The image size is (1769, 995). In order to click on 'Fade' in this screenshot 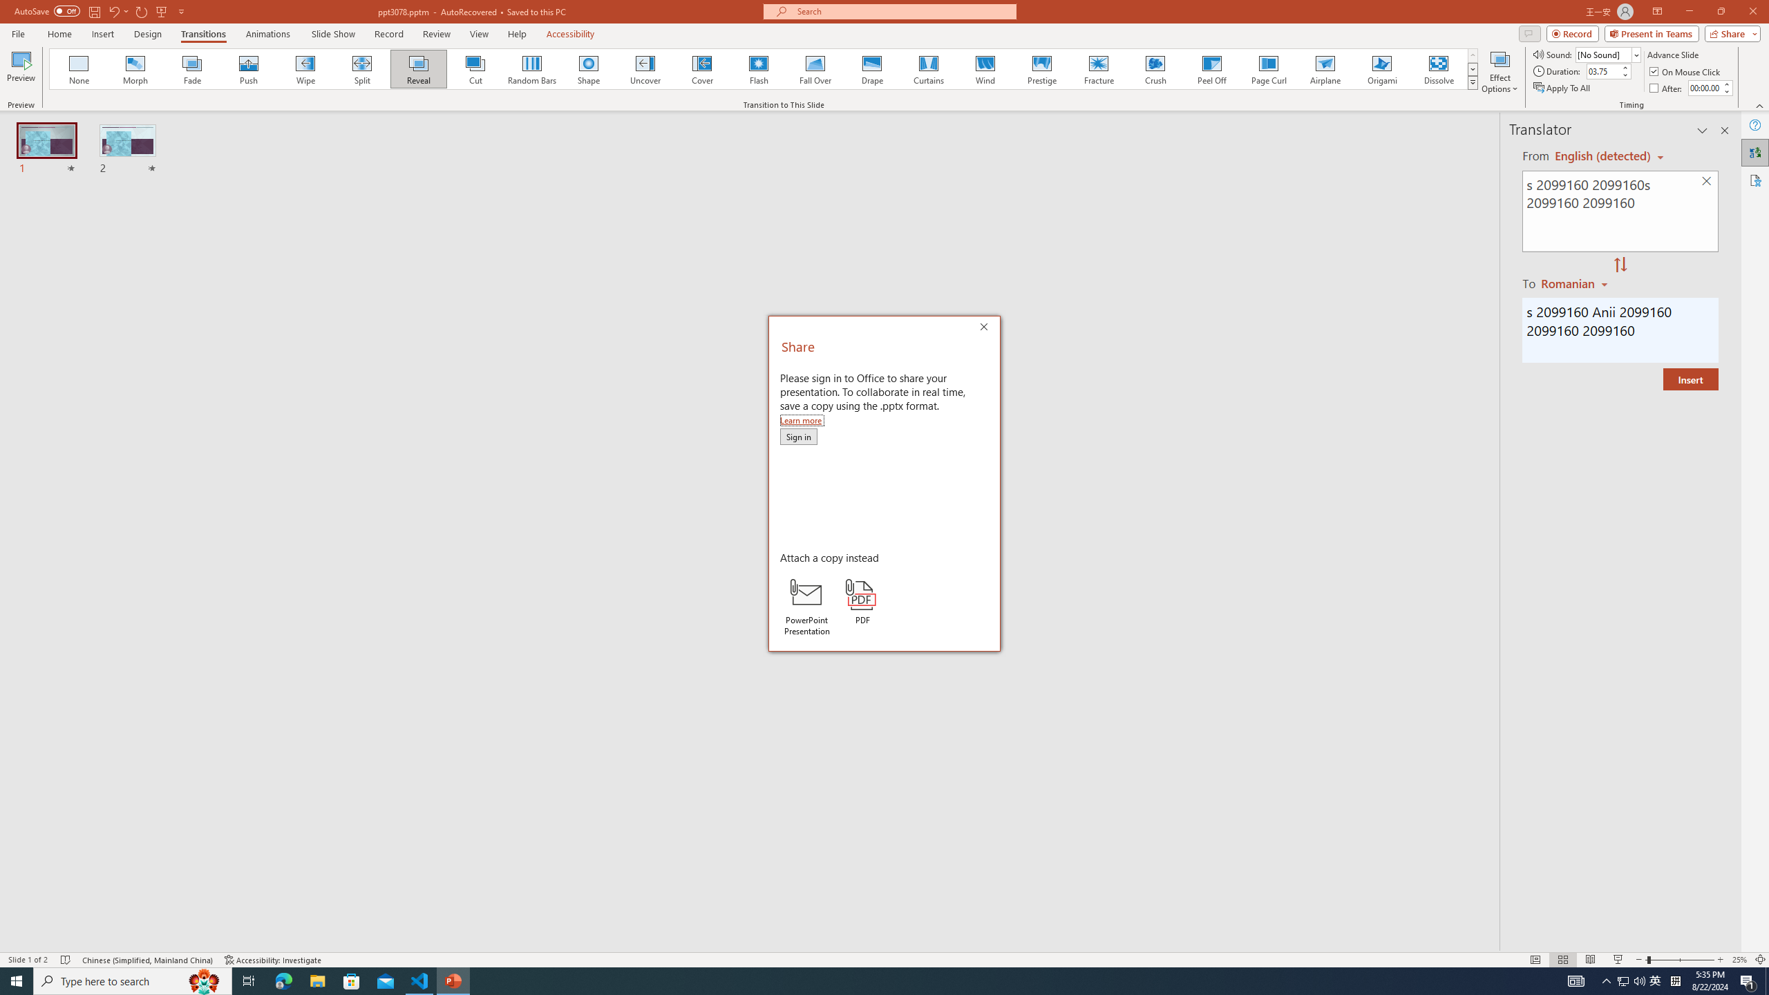, I will do `click(192, 68)`.